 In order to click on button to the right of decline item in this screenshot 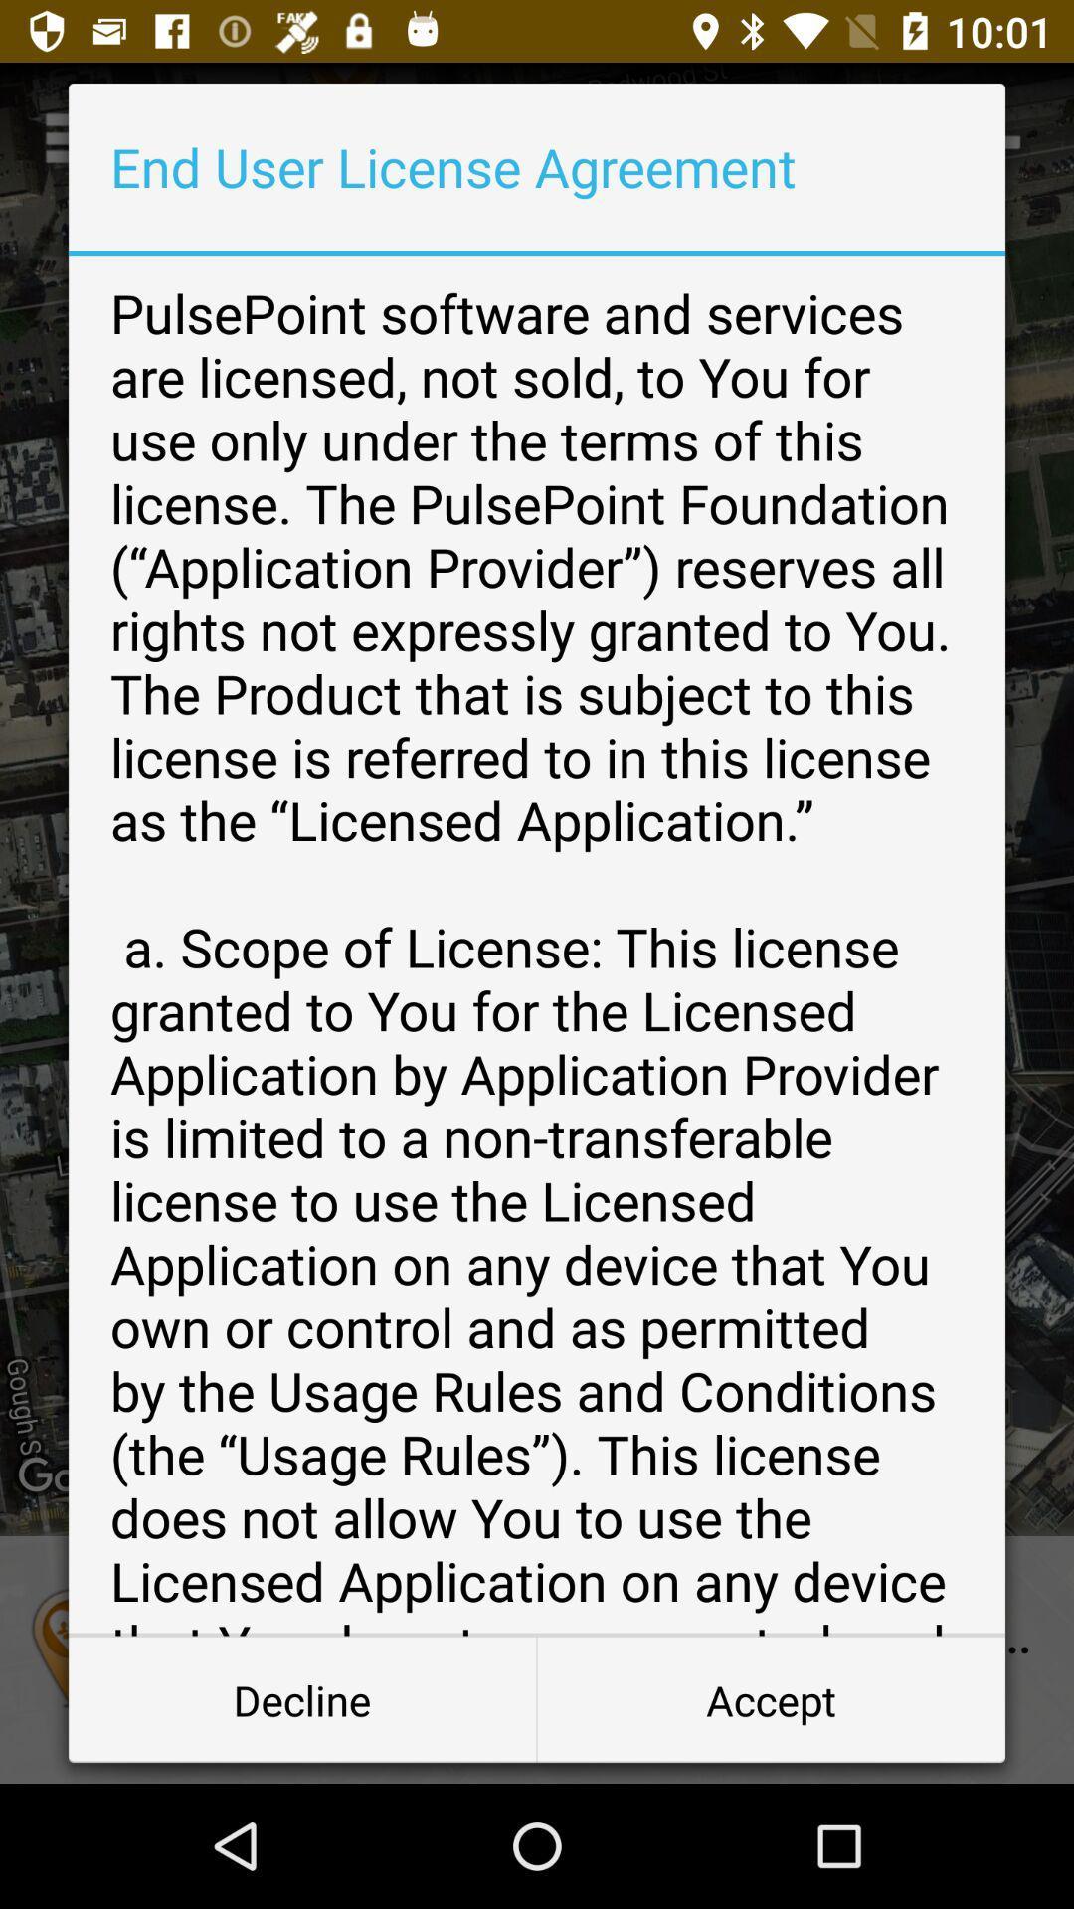, I will do `click(770, 1698)`.